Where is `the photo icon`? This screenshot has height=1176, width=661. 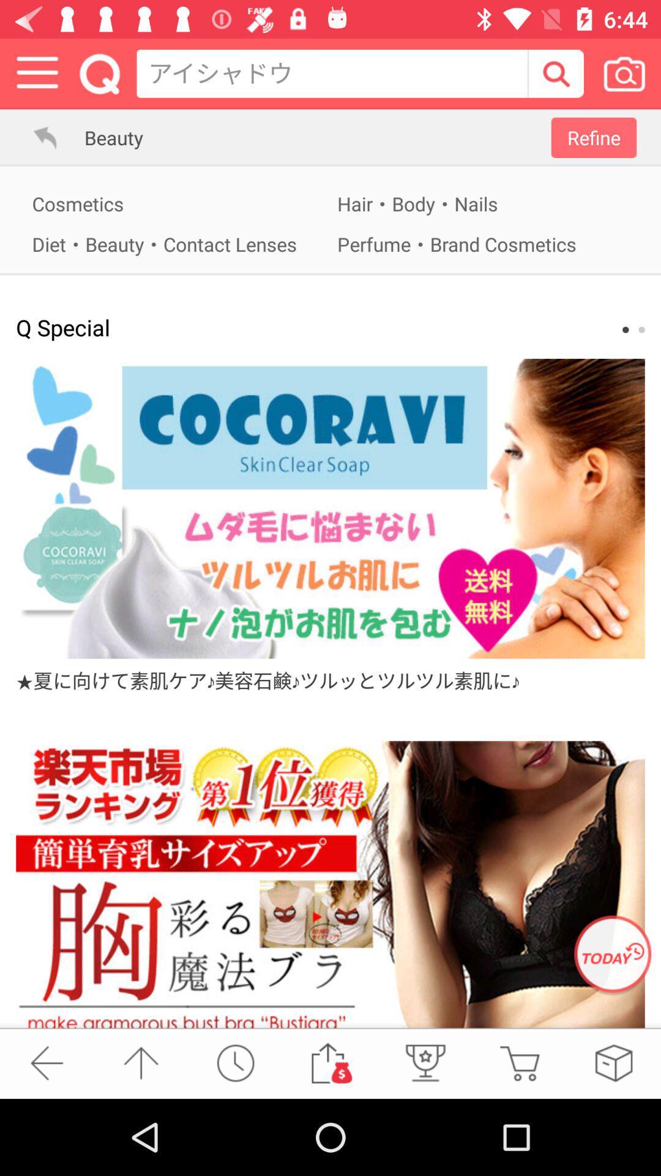 the photo icon is located at coordinates (624, 73).